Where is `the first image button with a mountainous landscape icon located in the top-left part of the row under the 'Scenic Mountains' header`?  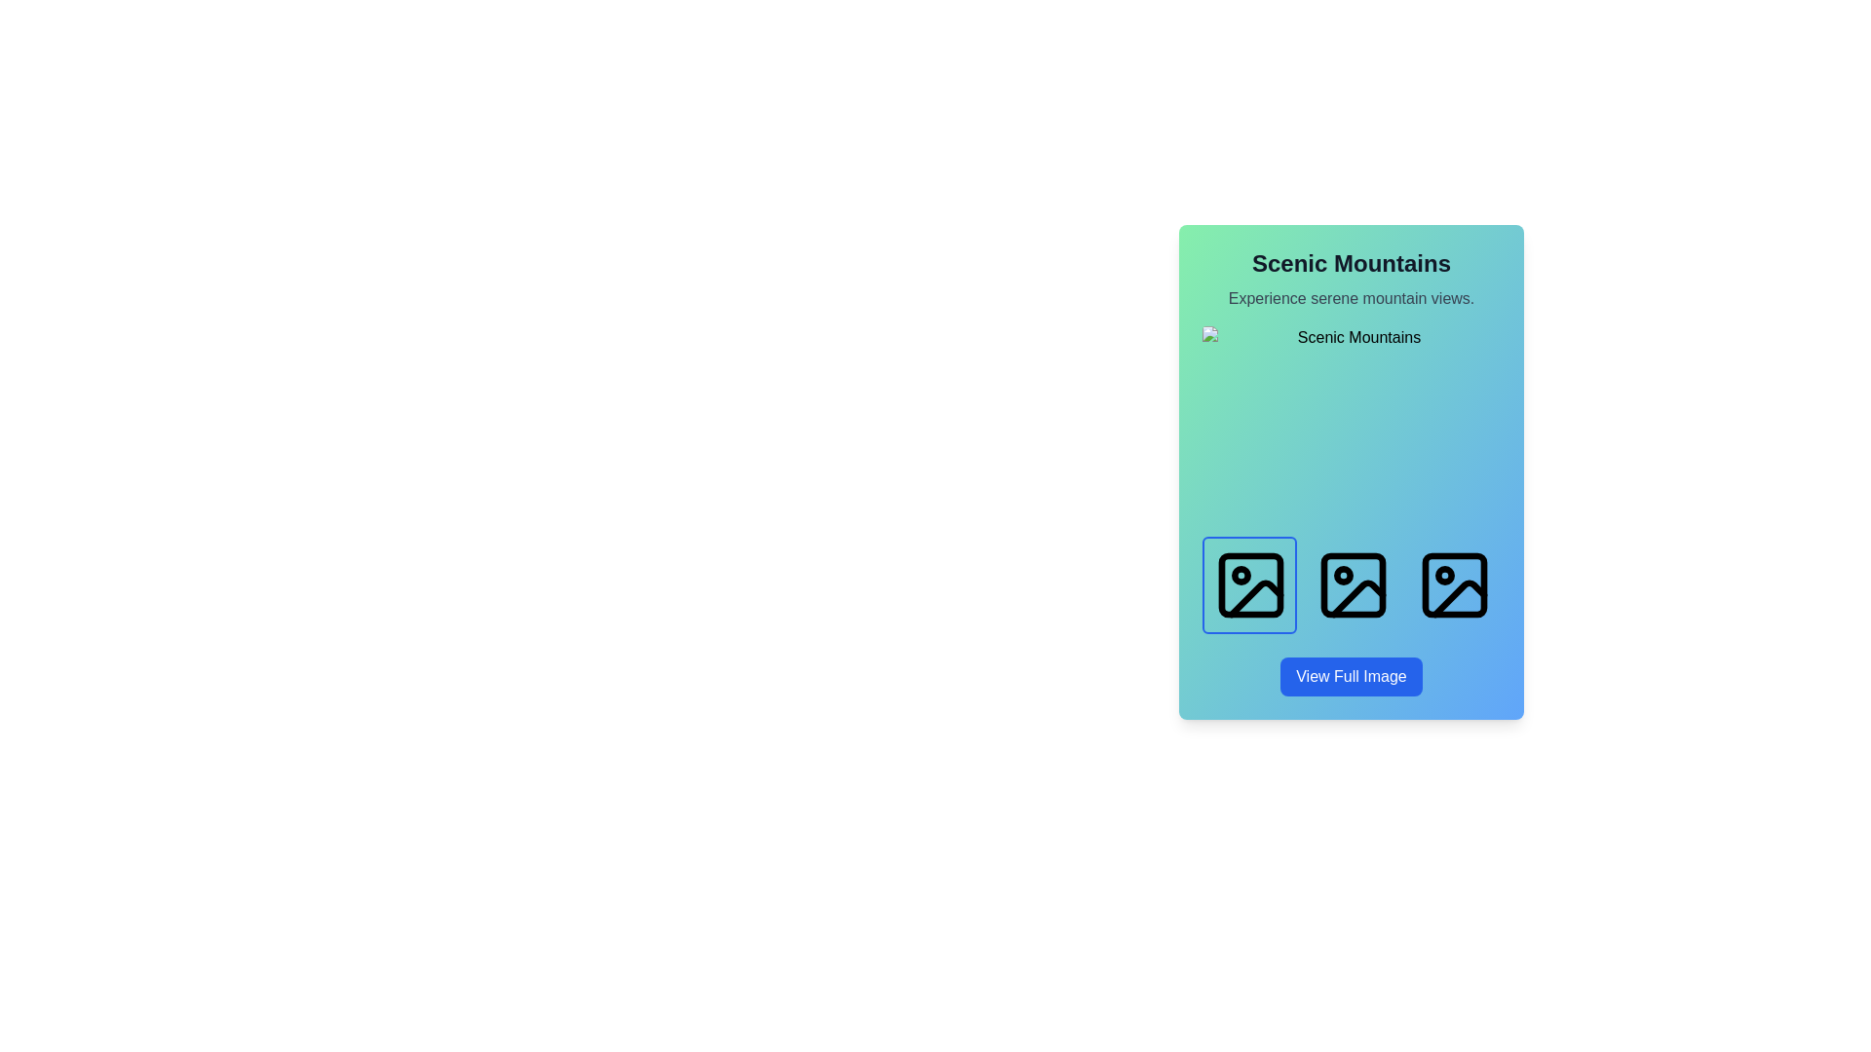 the first image button with a mountainous landscape icon located in the top-left part of the row under the 'Scenic Mountains' header is located at coordinates (1249, 584).